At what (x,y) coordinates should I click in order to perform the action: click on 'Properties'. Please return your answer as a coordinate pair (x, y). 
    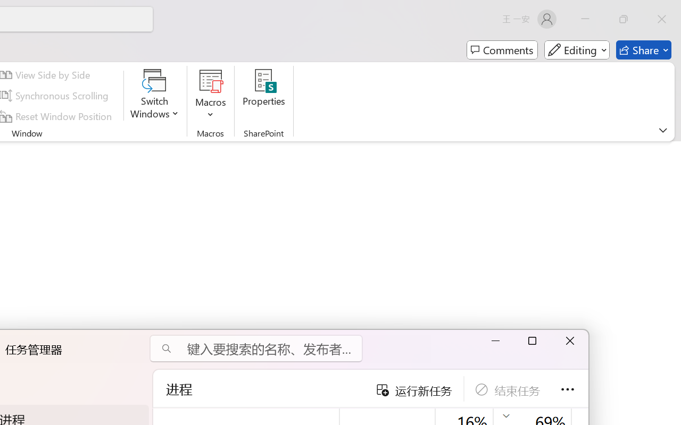
    Looking at the image, I should click on (264, 95).